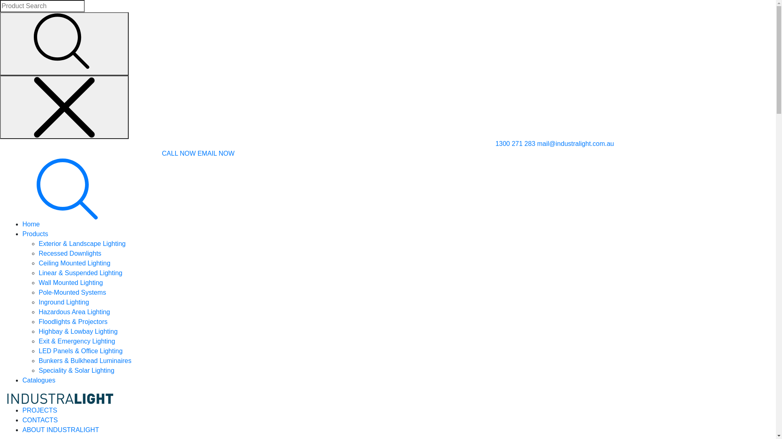 This screenshot has width=782, height=439. What do you see at coordinates (82, 243) in the screenshot?
I see `'Exterior & Landscape Lighting'` at bounding box center [82, 243].